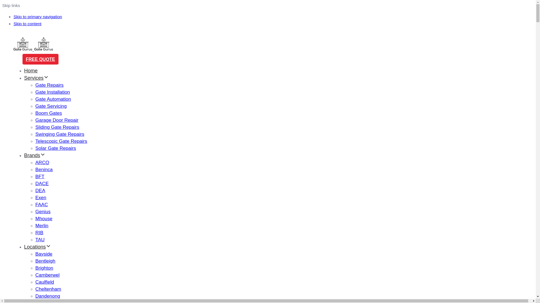 Image resolution: width=540 pixels, height=303 pixels. I want to click on 'Telescopic Gate Repairs', so click(61, 141).